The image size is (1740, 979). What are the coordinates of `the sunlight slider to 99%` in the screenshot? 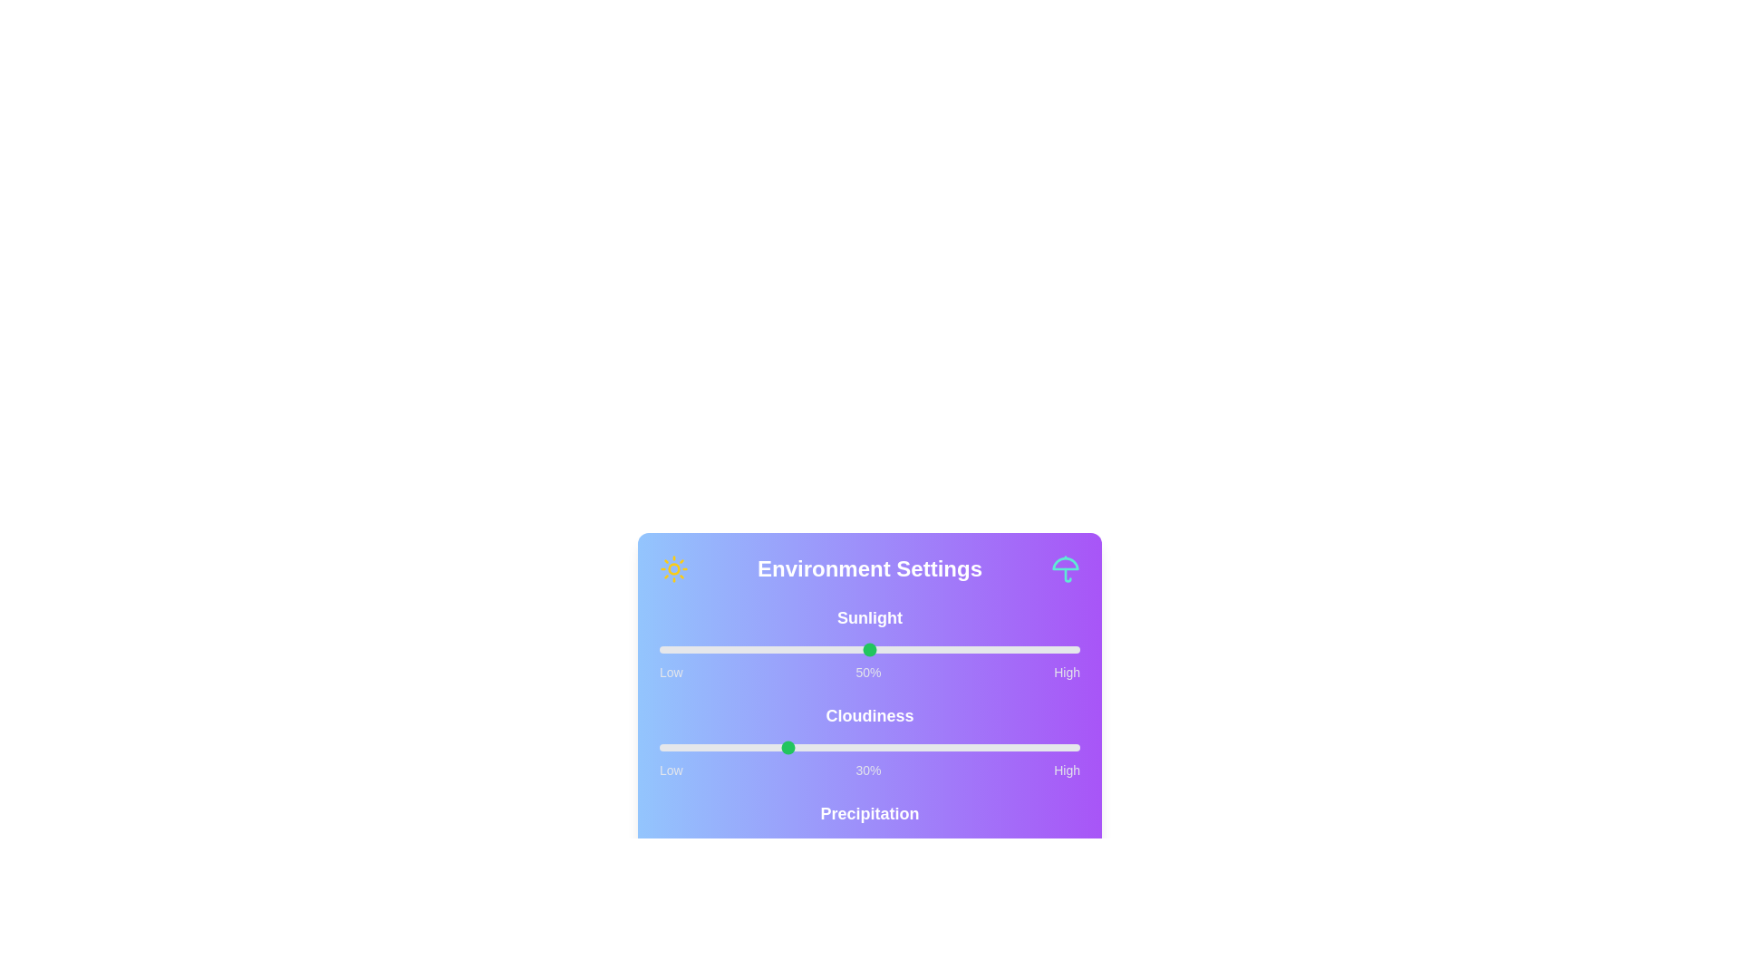 It's located at (1076, 649).